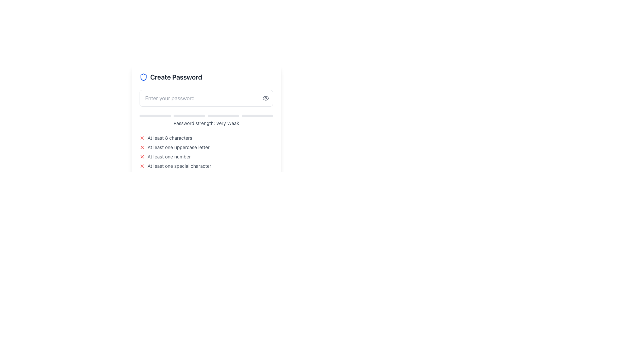  Describe the element at coordinates (179, 166) in the screenshot. I see `the text label that informs the user about the requirement for a valid password, specifically that it must include at least one special character, located below the 'Enter your password' input field and is the fourth item in the list under 'Password strength: Very Weak.'` at that location.